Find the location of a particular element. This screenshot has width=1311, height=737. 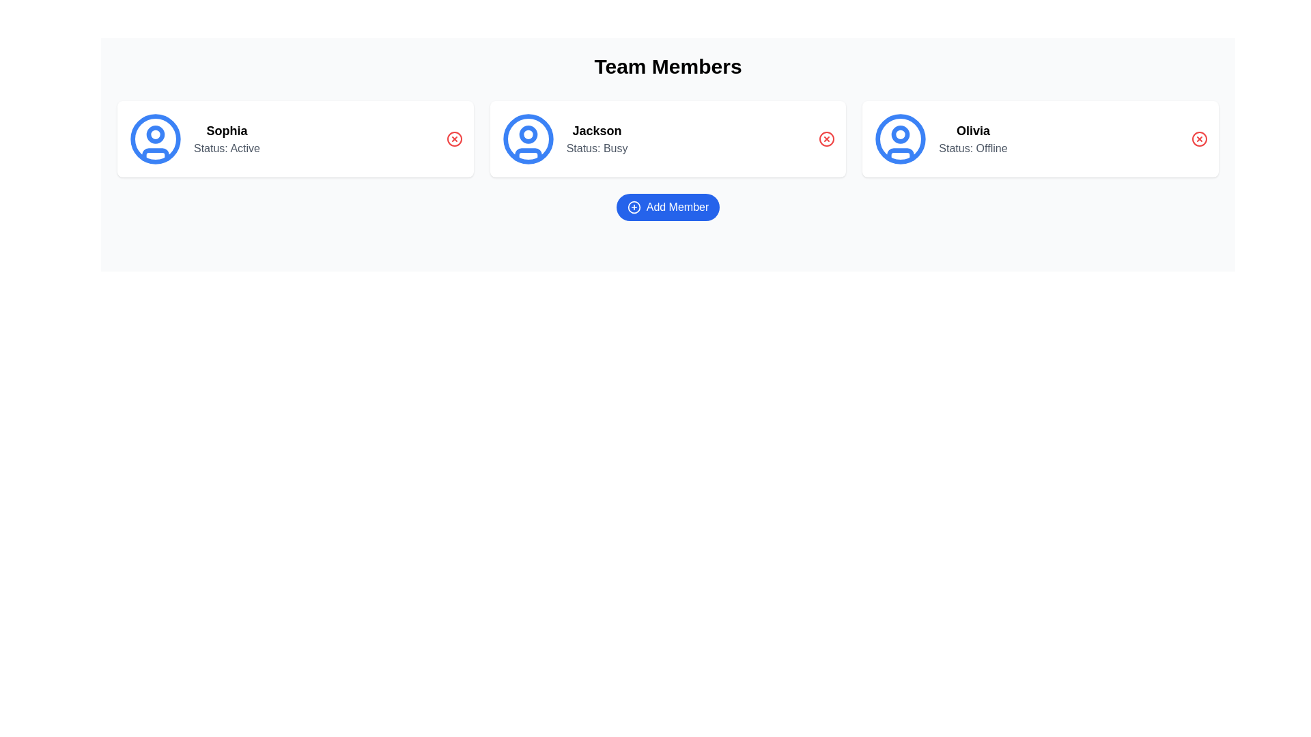

the circular graphic element that is part of the 'Add Member' button located in the lower section of the interface is located at coordinates (633, 207).